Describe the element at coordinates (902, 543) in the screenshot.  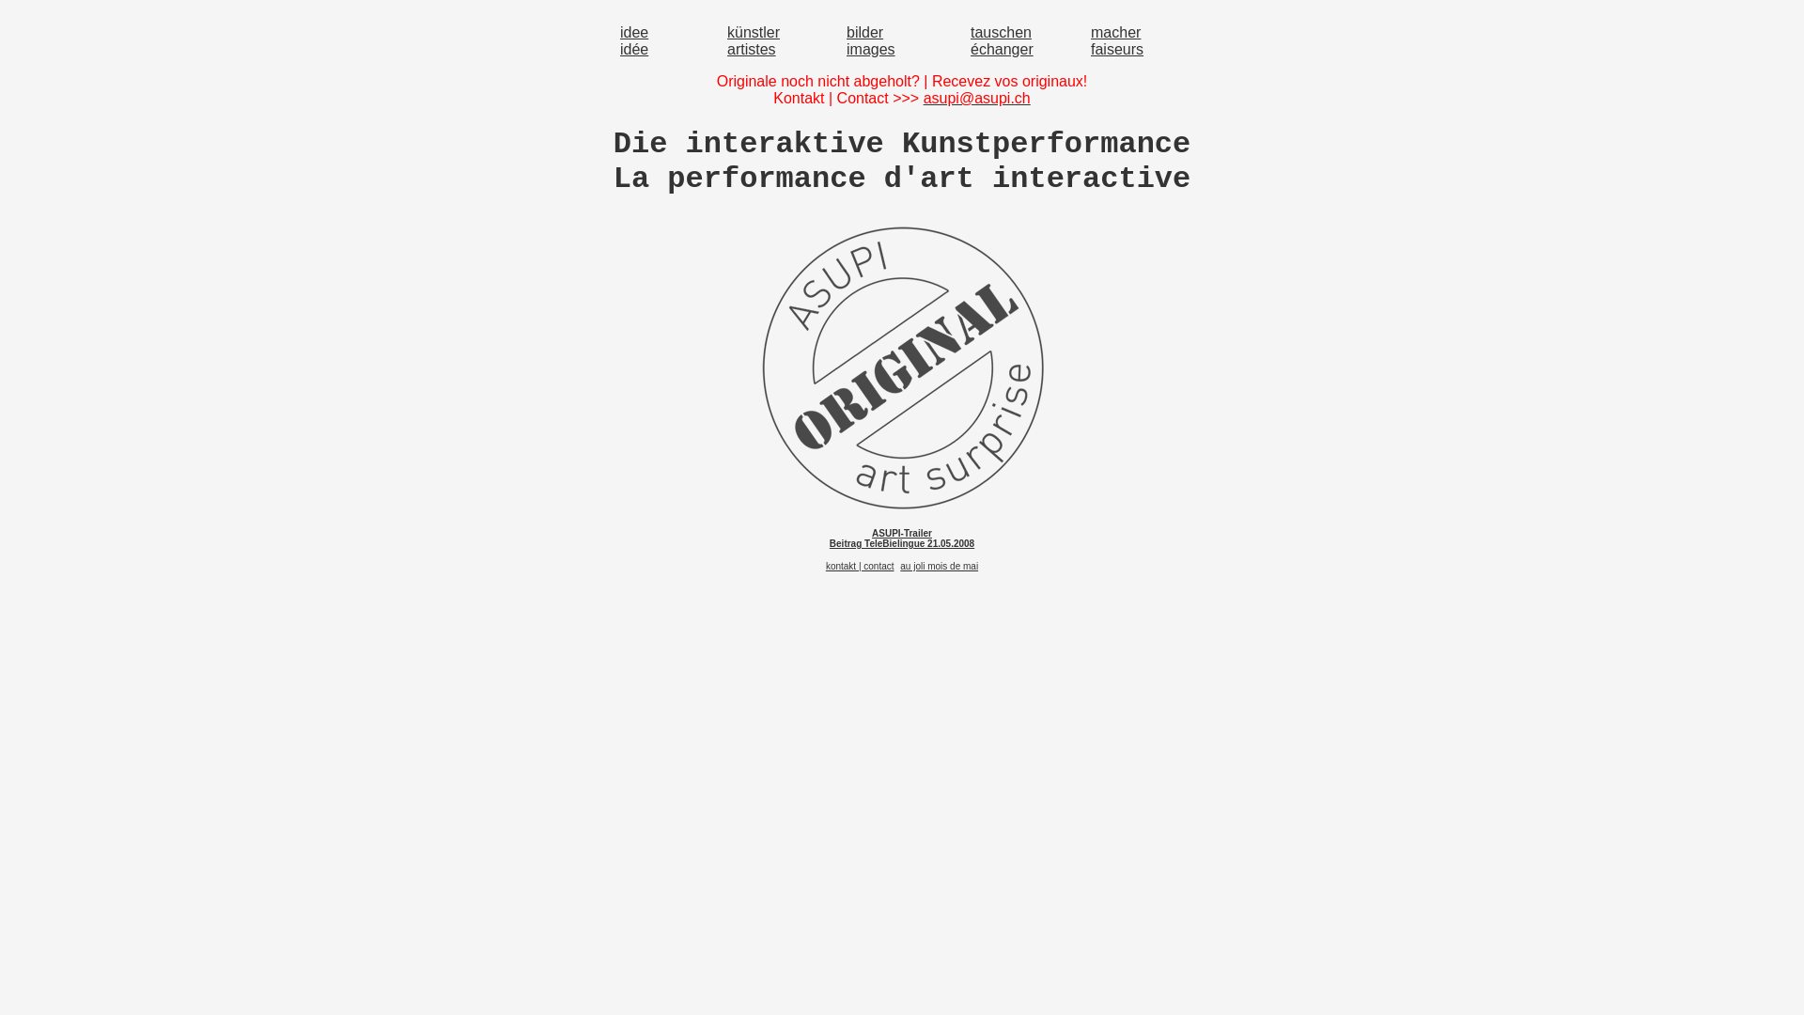
I see `'Beitrag TeleBielingue 21.05.2008'` at that location.